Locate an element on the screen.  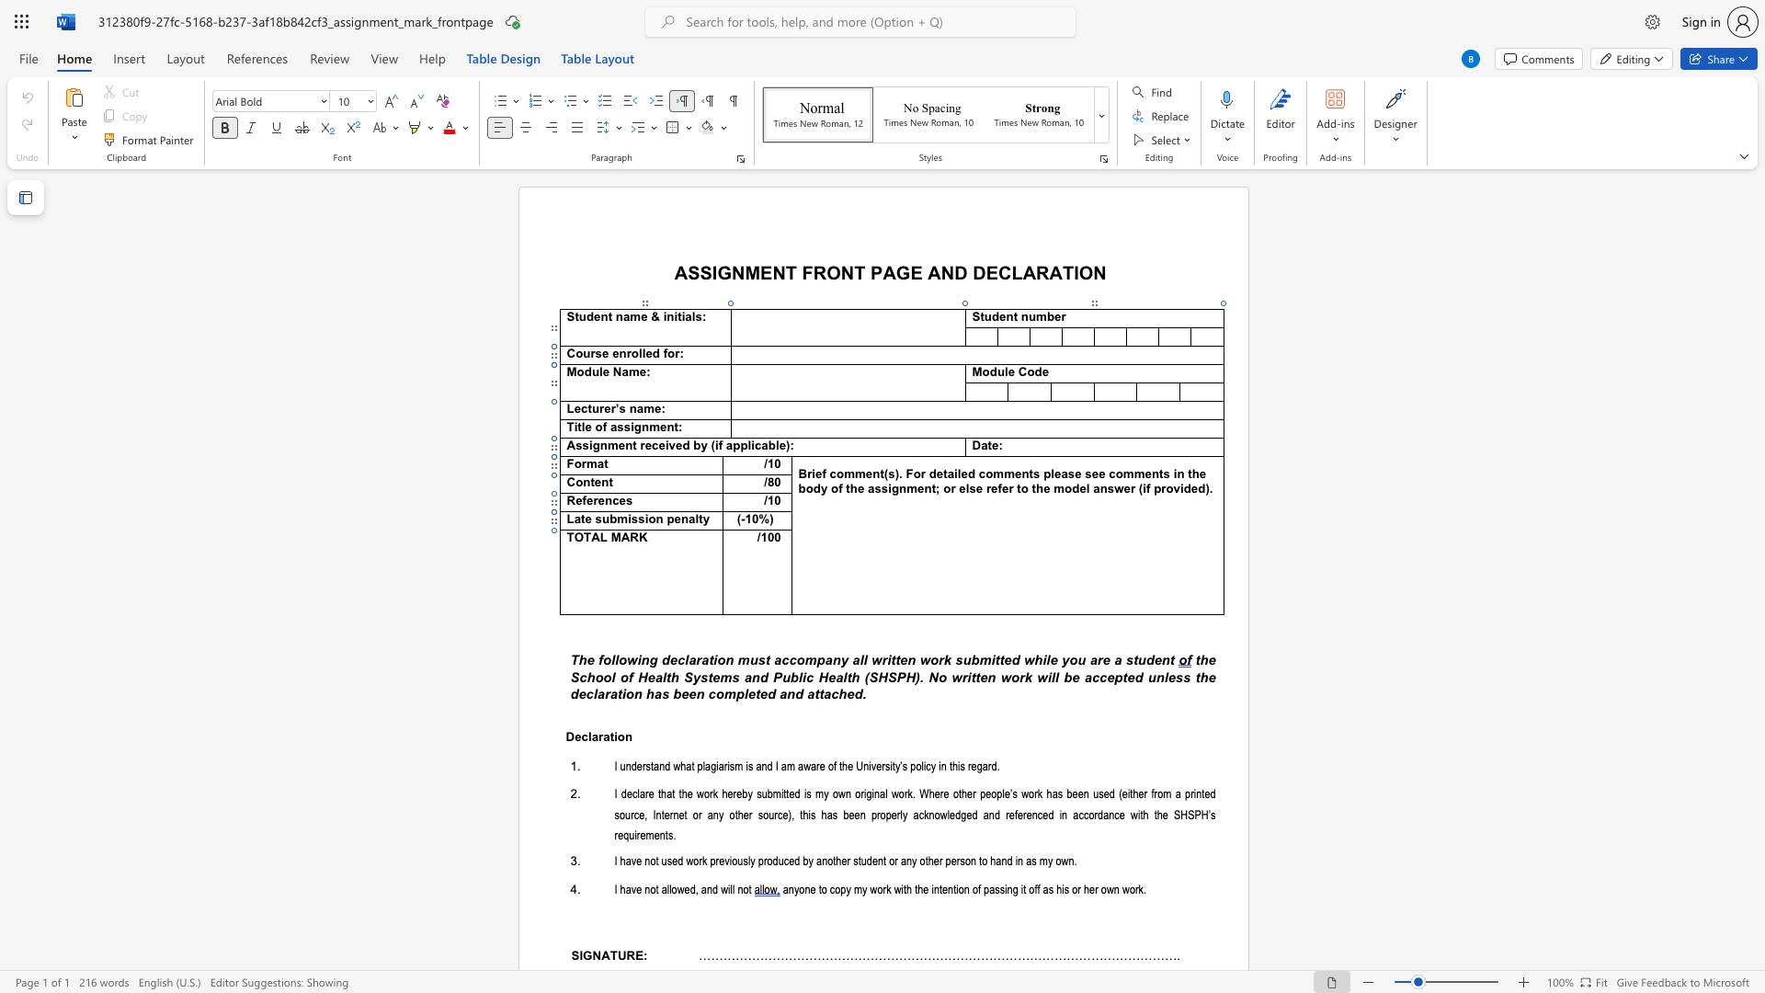
the 1th character "s" in the text is located at coordinates (703, 677).